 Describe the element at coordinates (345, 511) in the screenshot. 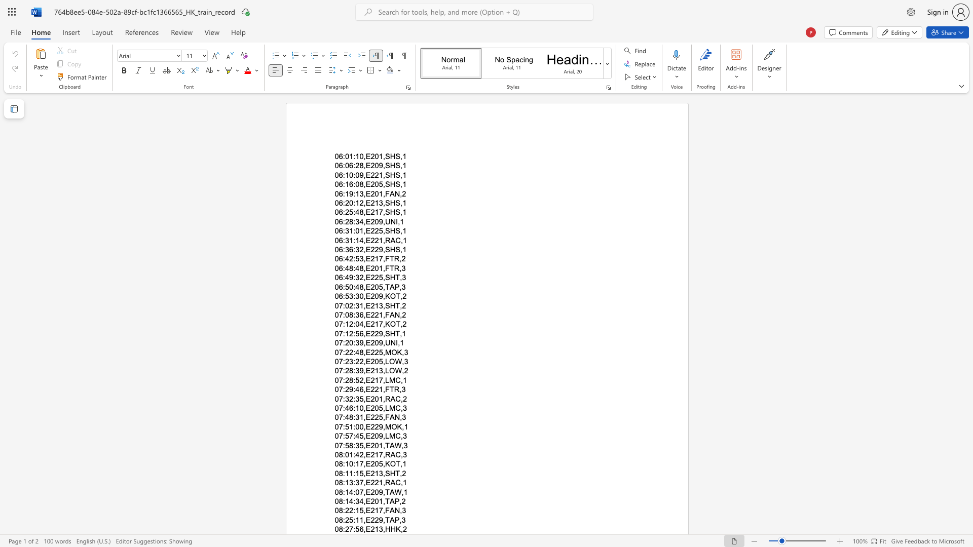

I see `the subset text "22:15,E21" within the text "08:22:15,E217,FAN,3"` at that location.